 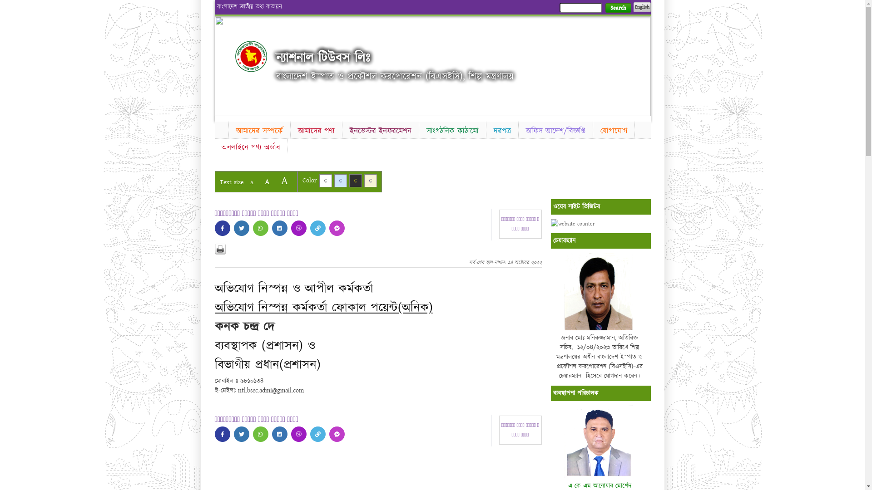 I want to click on 'C', so click(x=355, y=181).